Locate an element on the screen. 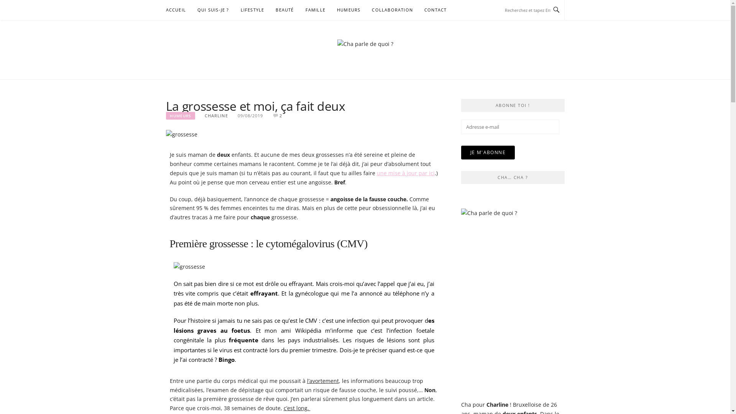 Image resolution: width=736 pixels, height=414 pixels. 'FAMILLE' is located at coordinates (315, 10).